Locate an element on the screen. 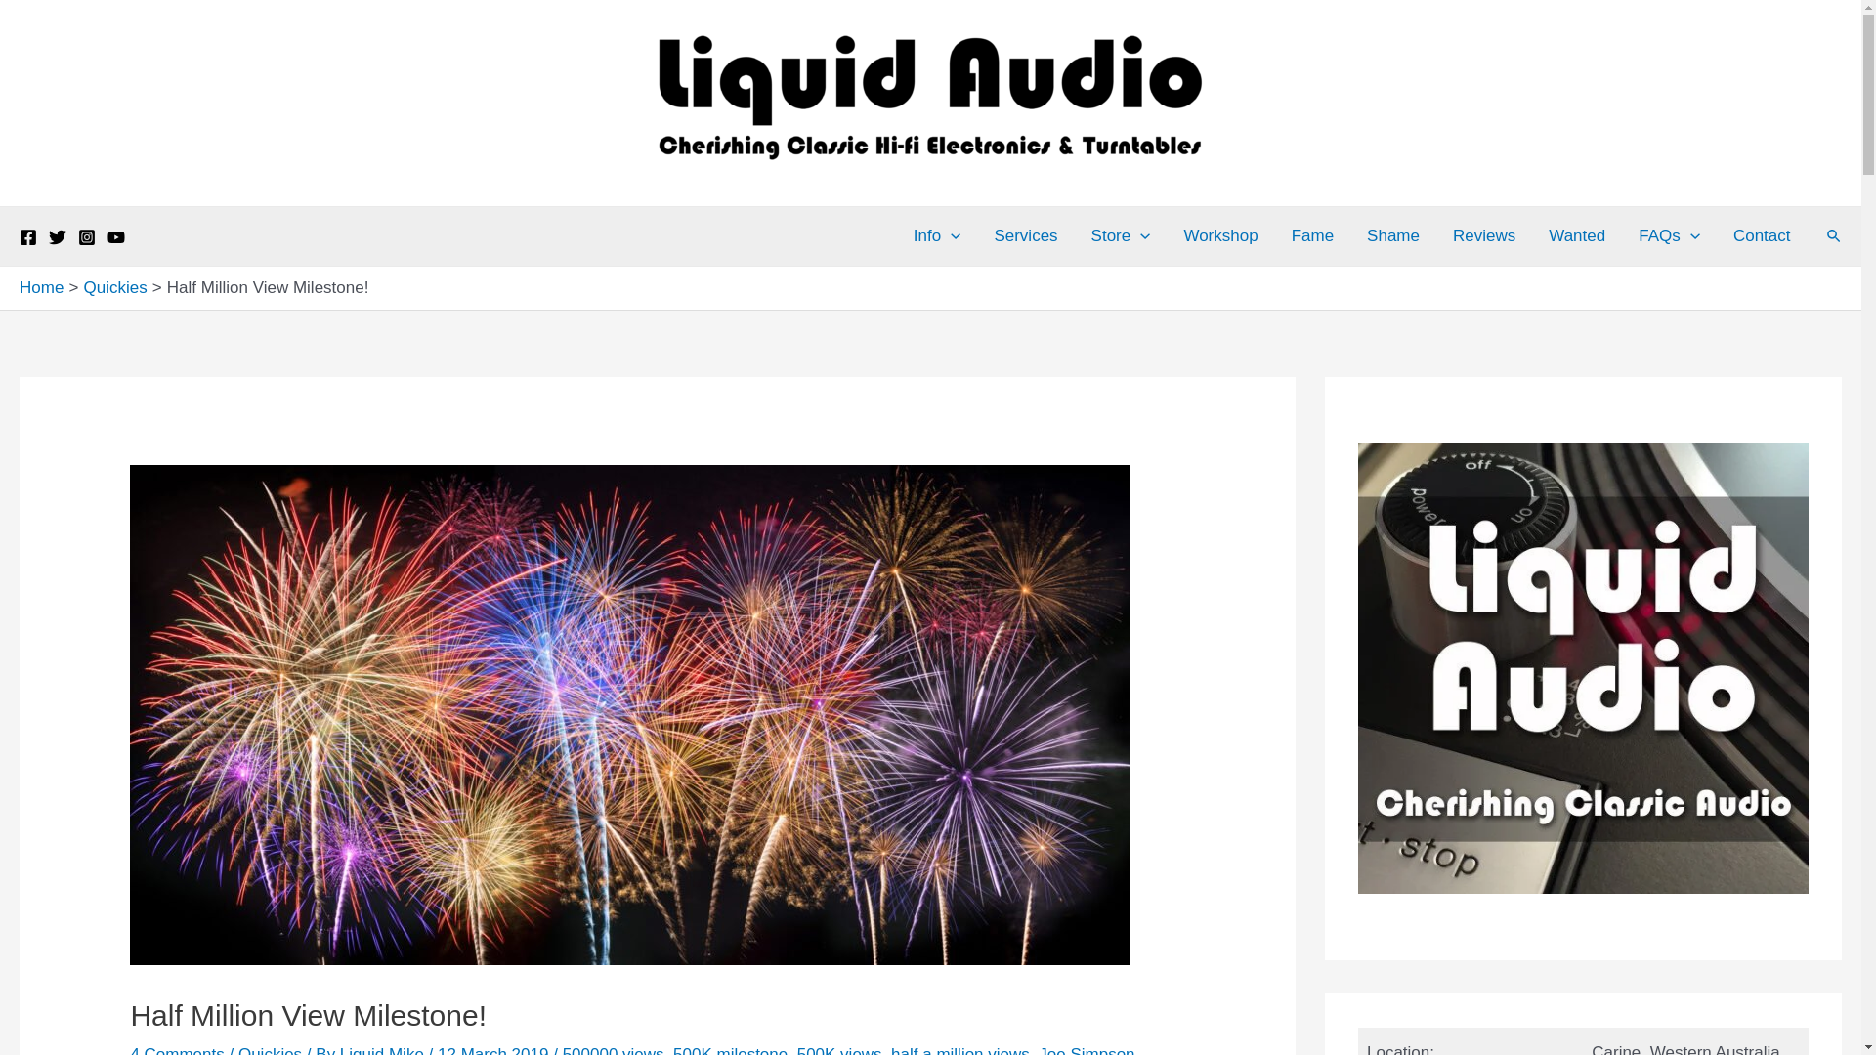  'FAQs' is located at coordinates (1622, 235).